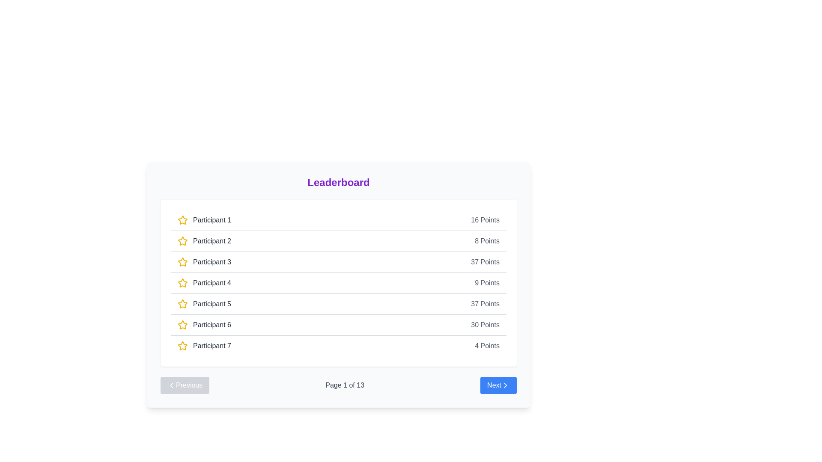  What do you see at coordinates (487, 241) in the screenshot?
I see `the static text display indicating the score of '8 Points' for the participant in the leaderboard located in the second row and rightmost column` at bounding box center [487, 241].